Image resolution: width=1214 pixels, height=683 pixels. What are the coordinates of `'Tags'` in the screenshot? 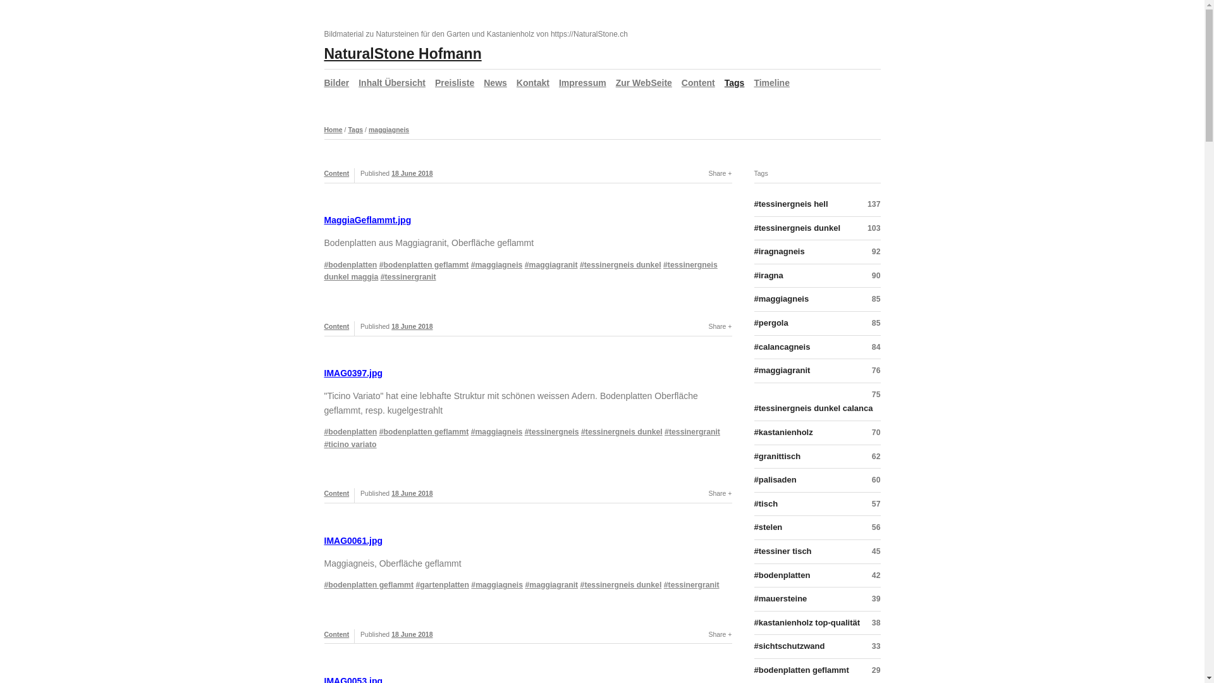 It's located at (348, 129).